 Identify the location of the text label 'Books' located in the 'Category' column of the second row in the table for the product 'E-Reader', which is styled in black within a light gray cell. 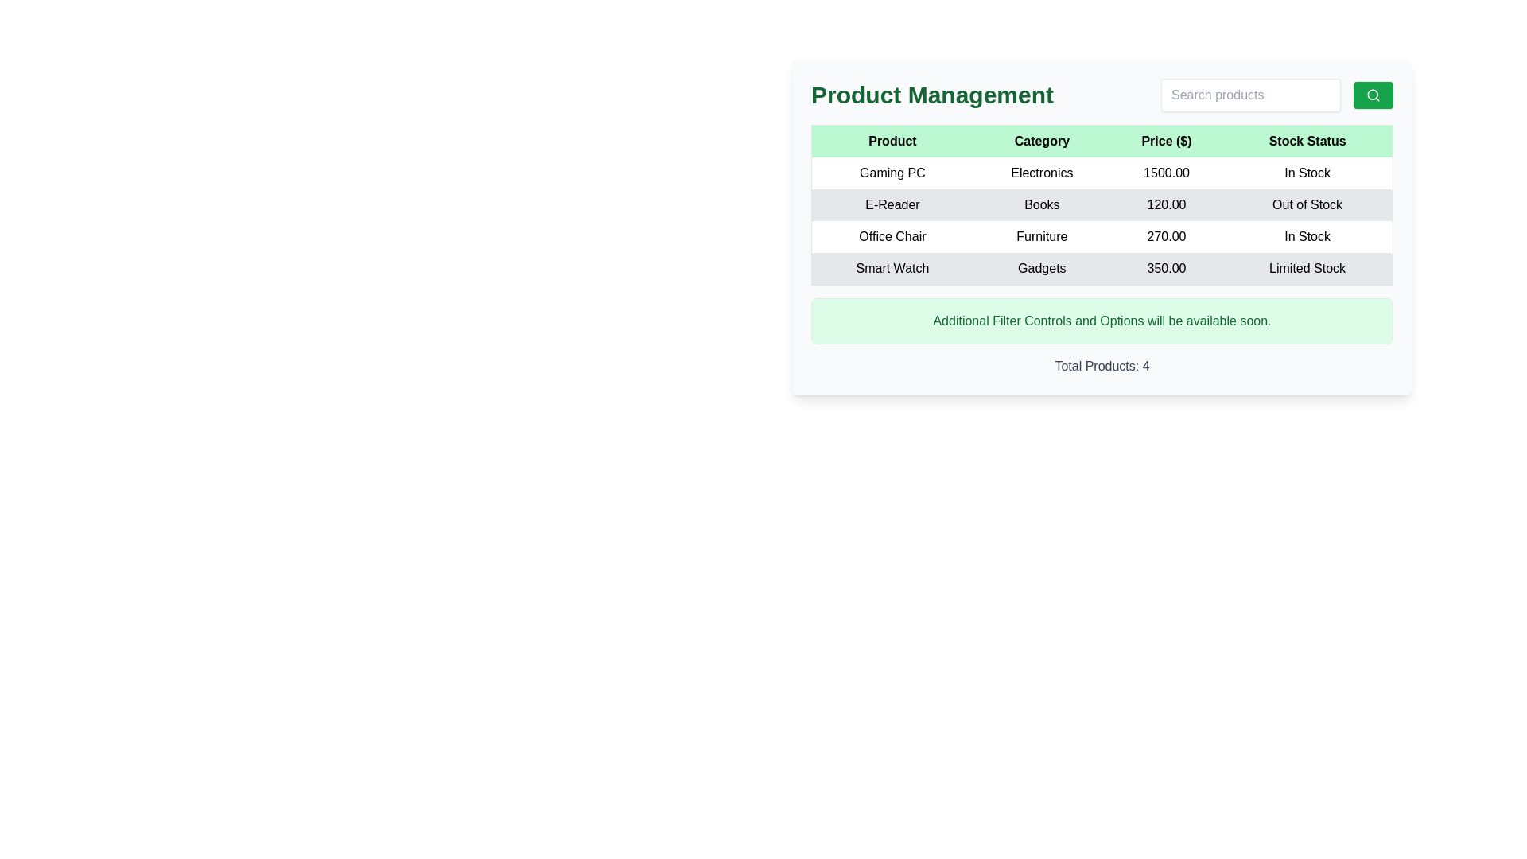
(1042, 204).